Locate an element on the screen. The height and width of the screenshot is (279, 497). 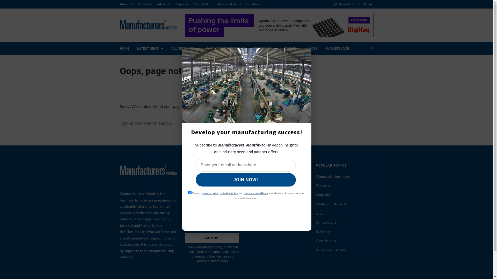
'Videos on Demand' is located at coordinates (331, 250).